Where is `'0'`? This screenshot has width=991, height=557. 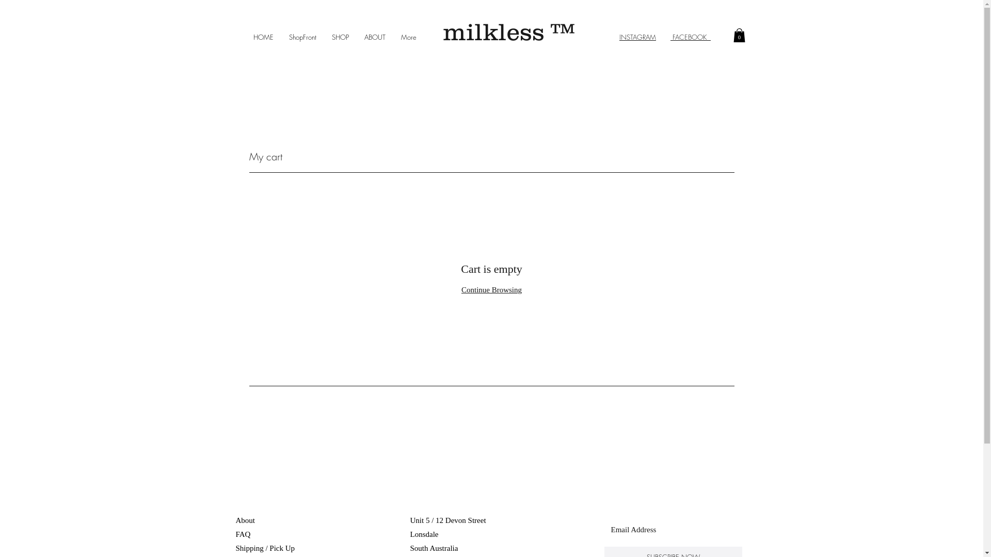
'0' is located at coordinates (738, 35).